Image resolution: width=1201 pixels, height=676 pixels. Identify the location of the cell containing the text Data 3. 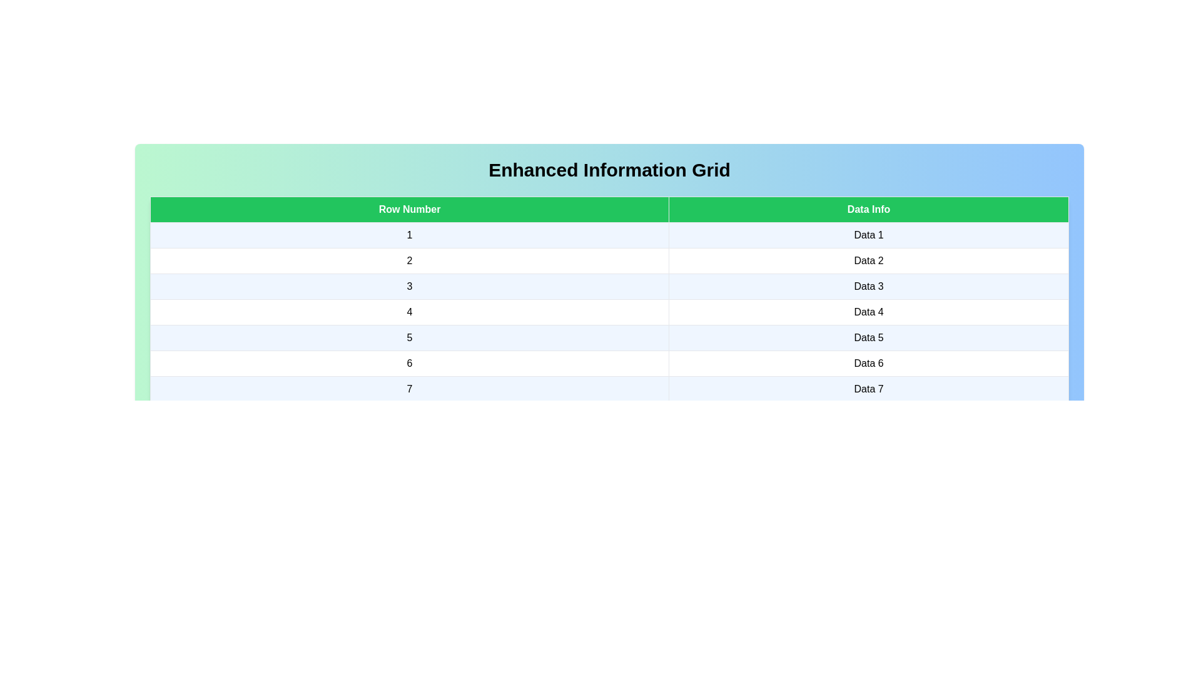
(868, 287).